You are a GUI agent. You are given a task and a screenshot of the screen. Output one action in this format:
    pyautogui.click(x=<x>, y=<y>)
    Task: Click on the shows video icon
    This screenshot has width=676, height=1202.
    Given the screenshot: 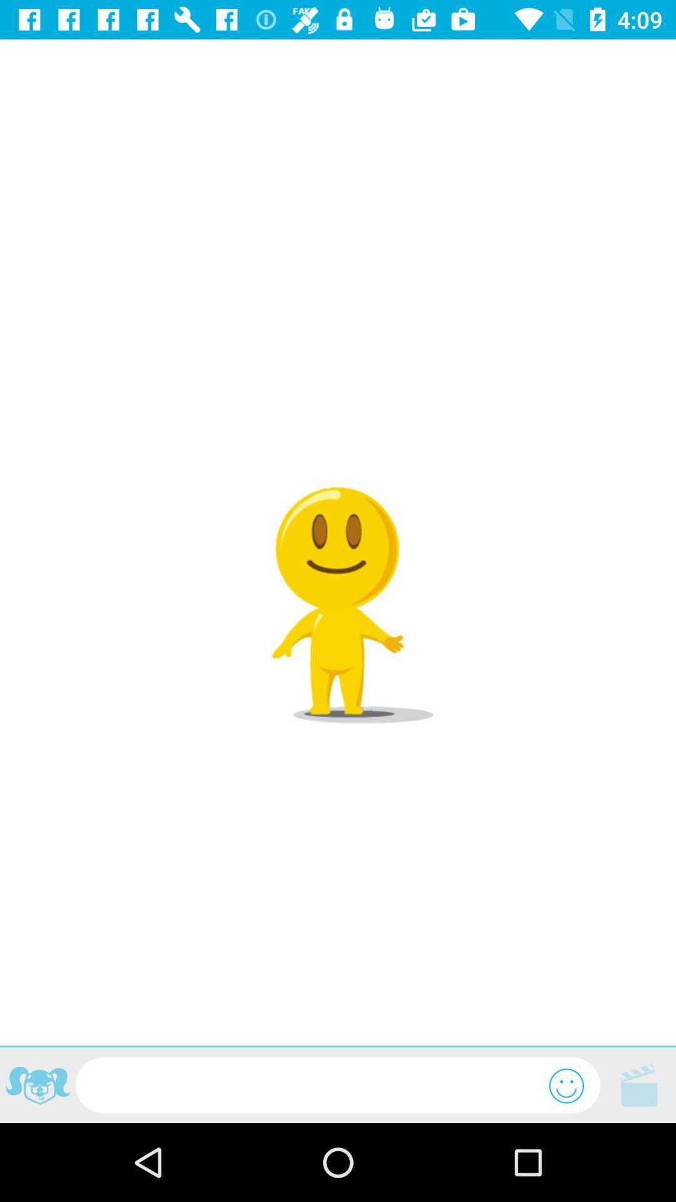 What is the action you would take?
    pyautogui.click(x=638, y=1084)
    